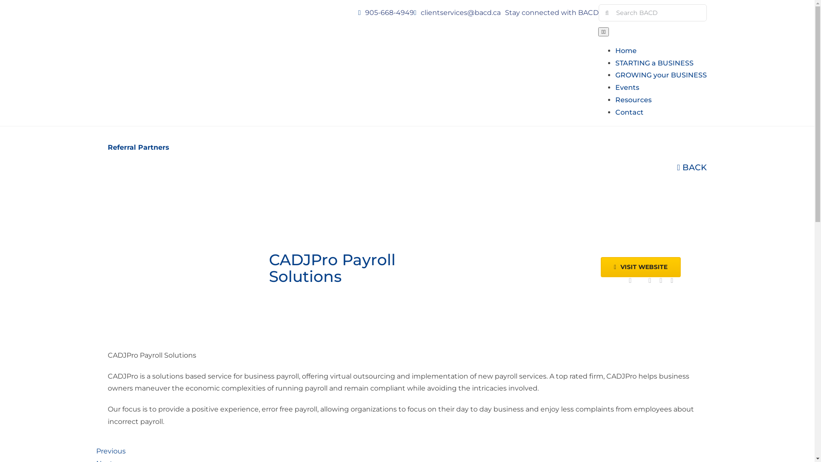 Image resolution: width=821 pixels, height=462 pixels. I want to click on 'STARTING a BUSINESS', so click(654, 62).